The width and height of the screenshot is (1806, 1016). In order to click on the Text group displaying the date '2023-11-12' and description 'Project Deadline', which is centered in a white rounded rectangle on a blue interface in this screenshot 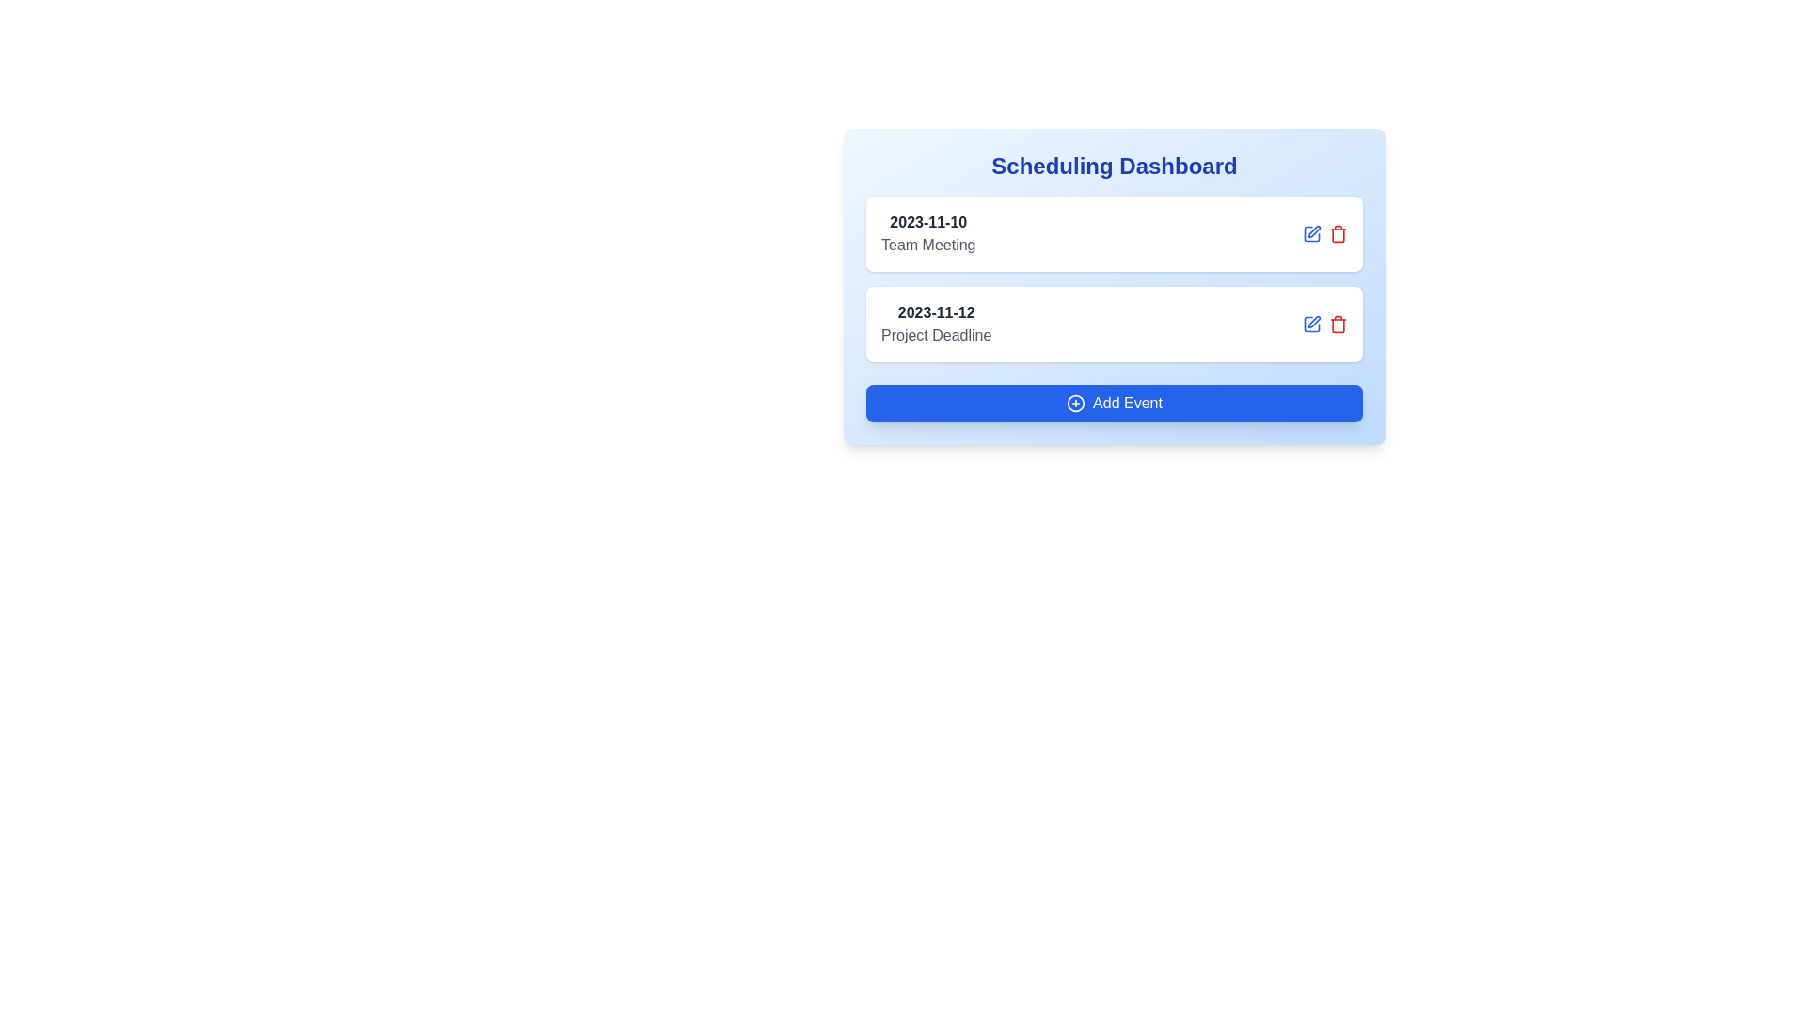, I will do `click(936, 323)`.